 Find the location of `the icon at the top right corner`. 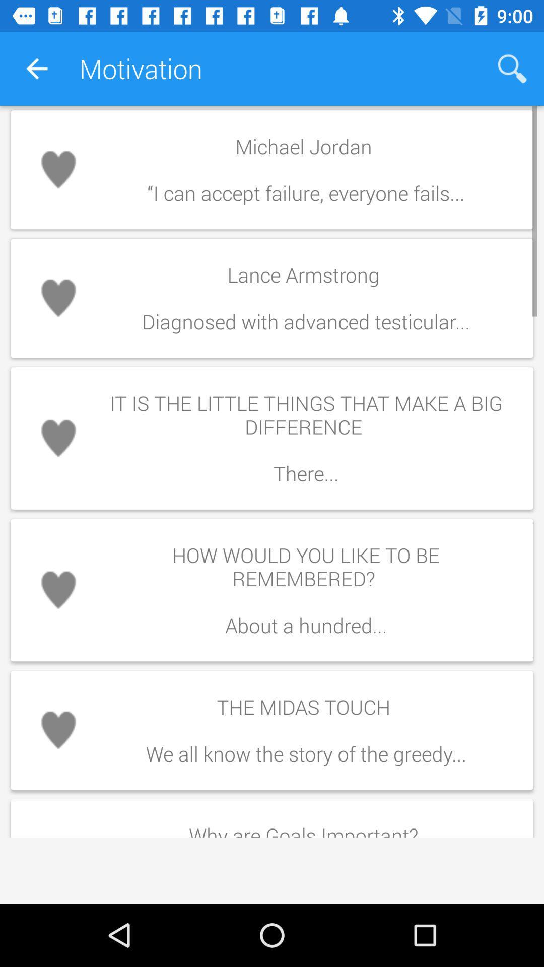

the icon at the top right corner is located at coordinates (512, 68).